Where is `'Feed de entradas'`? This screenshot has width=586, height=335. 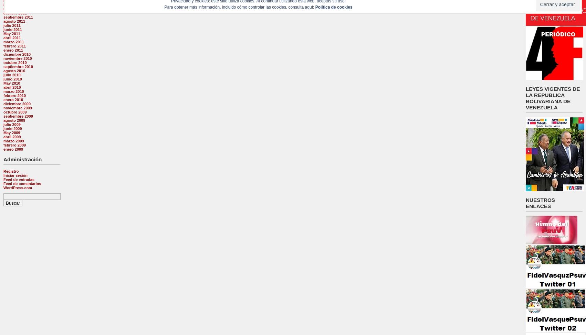
'Feed de entradas' is located at coordinates (19, 179).